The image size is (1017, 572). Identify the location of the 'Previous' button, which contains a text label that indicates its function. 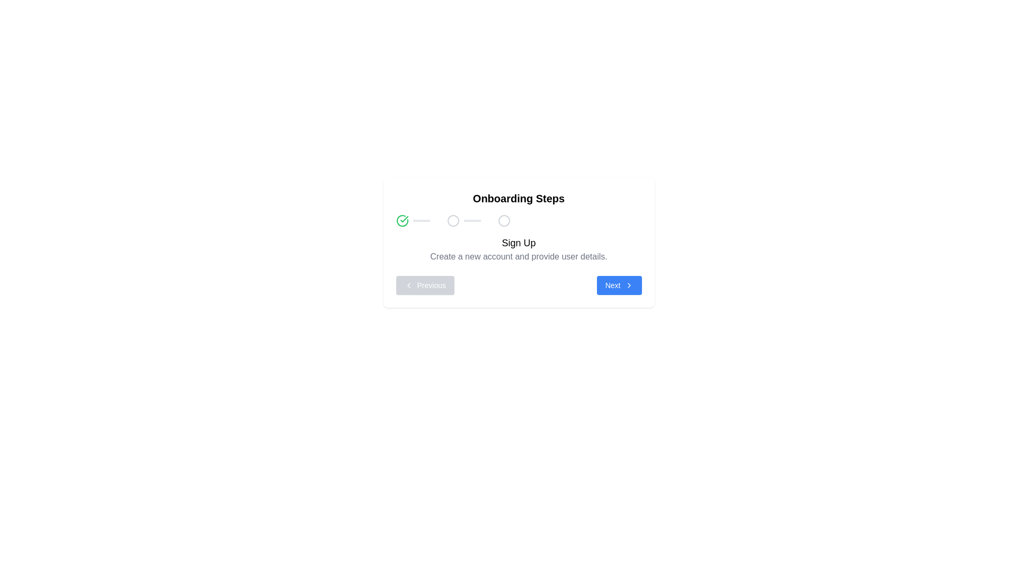
(431, 285).